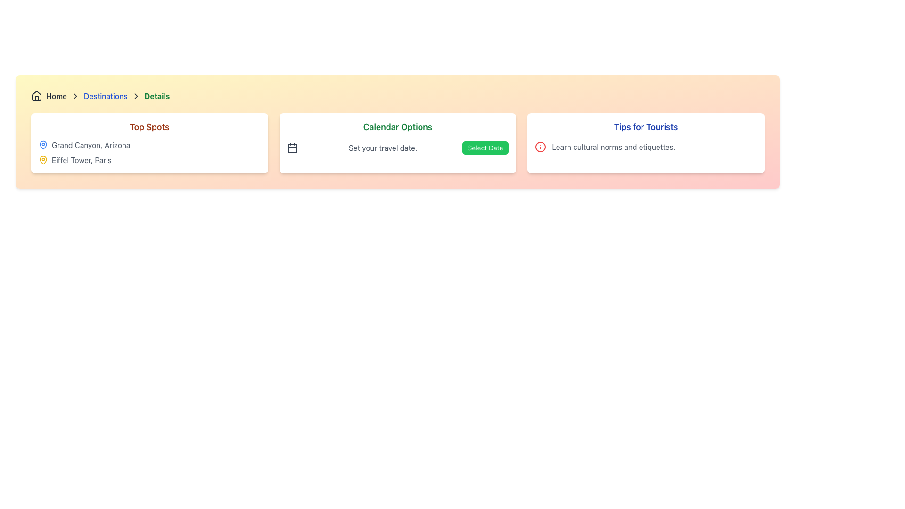 This screenshot has width=905, height=509. Describe the element at coordinates (36, 96) in the screenshot. I see `the house icon in the breadcrumb navigation, which is styled in a minimalistic outline format and is positioned directly to the left of the text 'Home'` at that location.